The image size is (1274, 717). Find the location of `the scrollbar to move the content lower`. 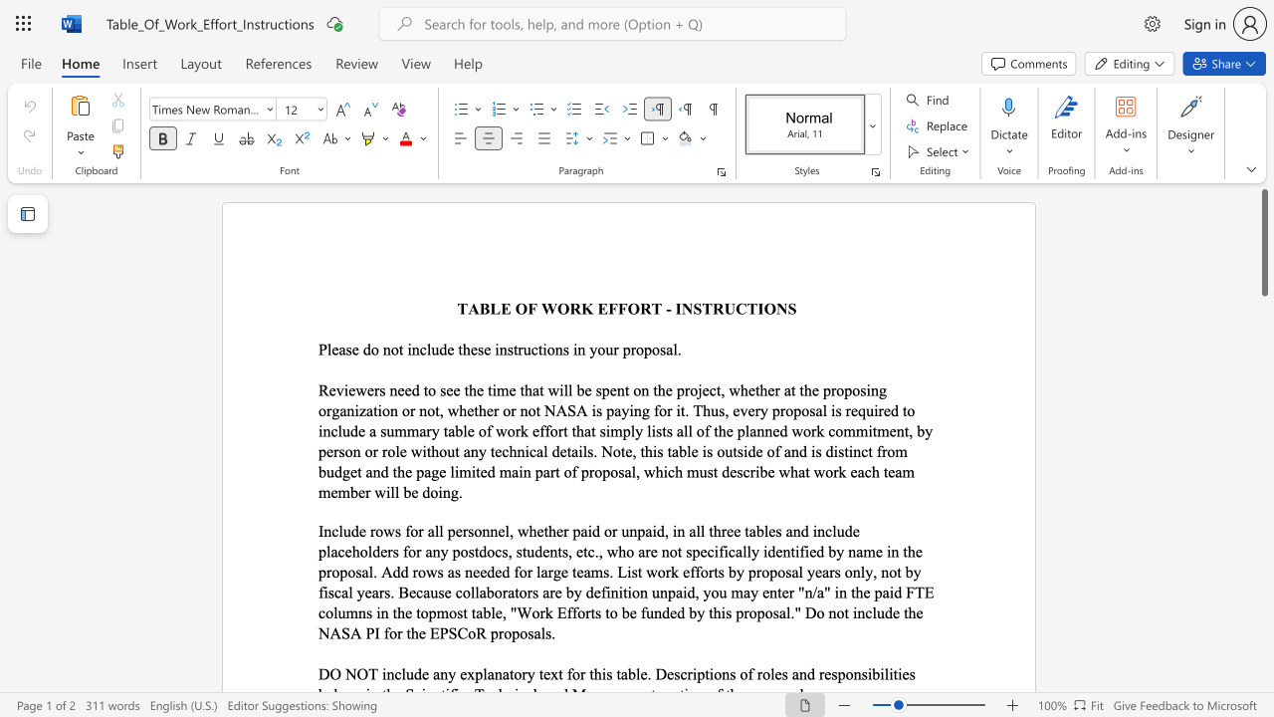

the scrollbar to move the content lower is located at coordinates (1263, 558).